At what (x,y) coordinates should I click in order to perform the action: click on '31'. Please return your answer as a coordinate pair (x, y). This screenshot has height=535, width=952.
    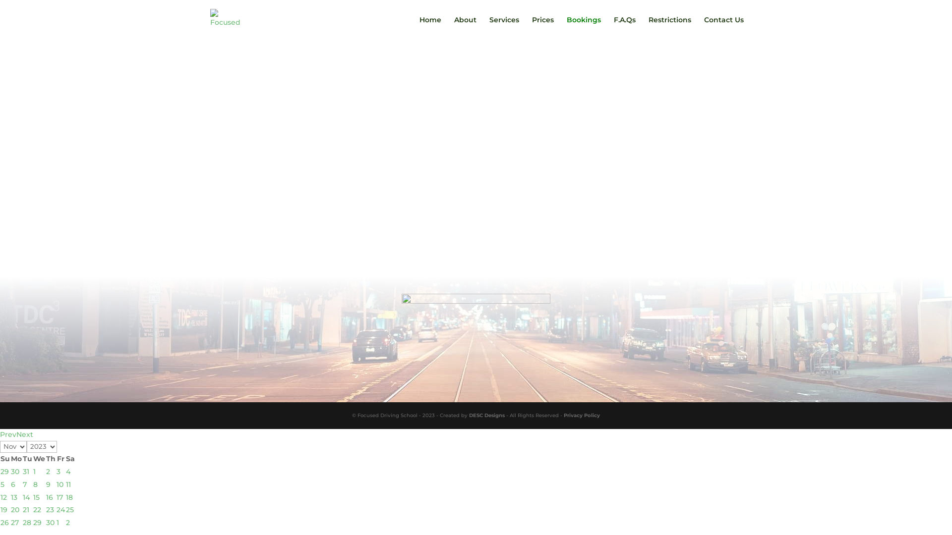
    Looking at the image, I should click on (26, 471).